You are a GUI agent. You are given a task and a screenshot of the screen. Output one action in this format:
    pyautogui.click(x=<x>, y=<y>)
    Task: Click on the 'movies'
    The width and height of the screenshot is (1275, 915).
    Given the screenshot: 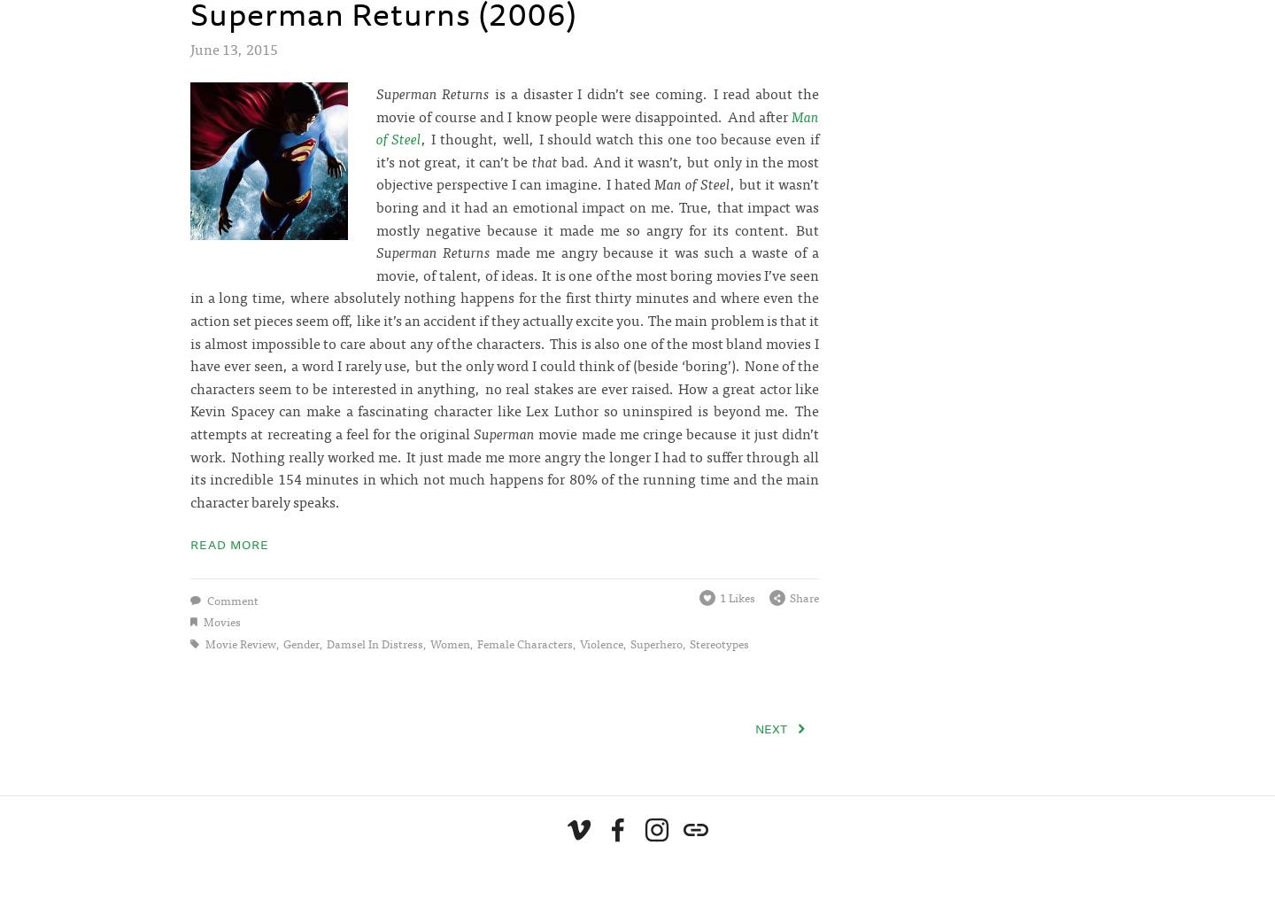 What is the action you would take?
    pyautogui.click(x=220, y=621)
    